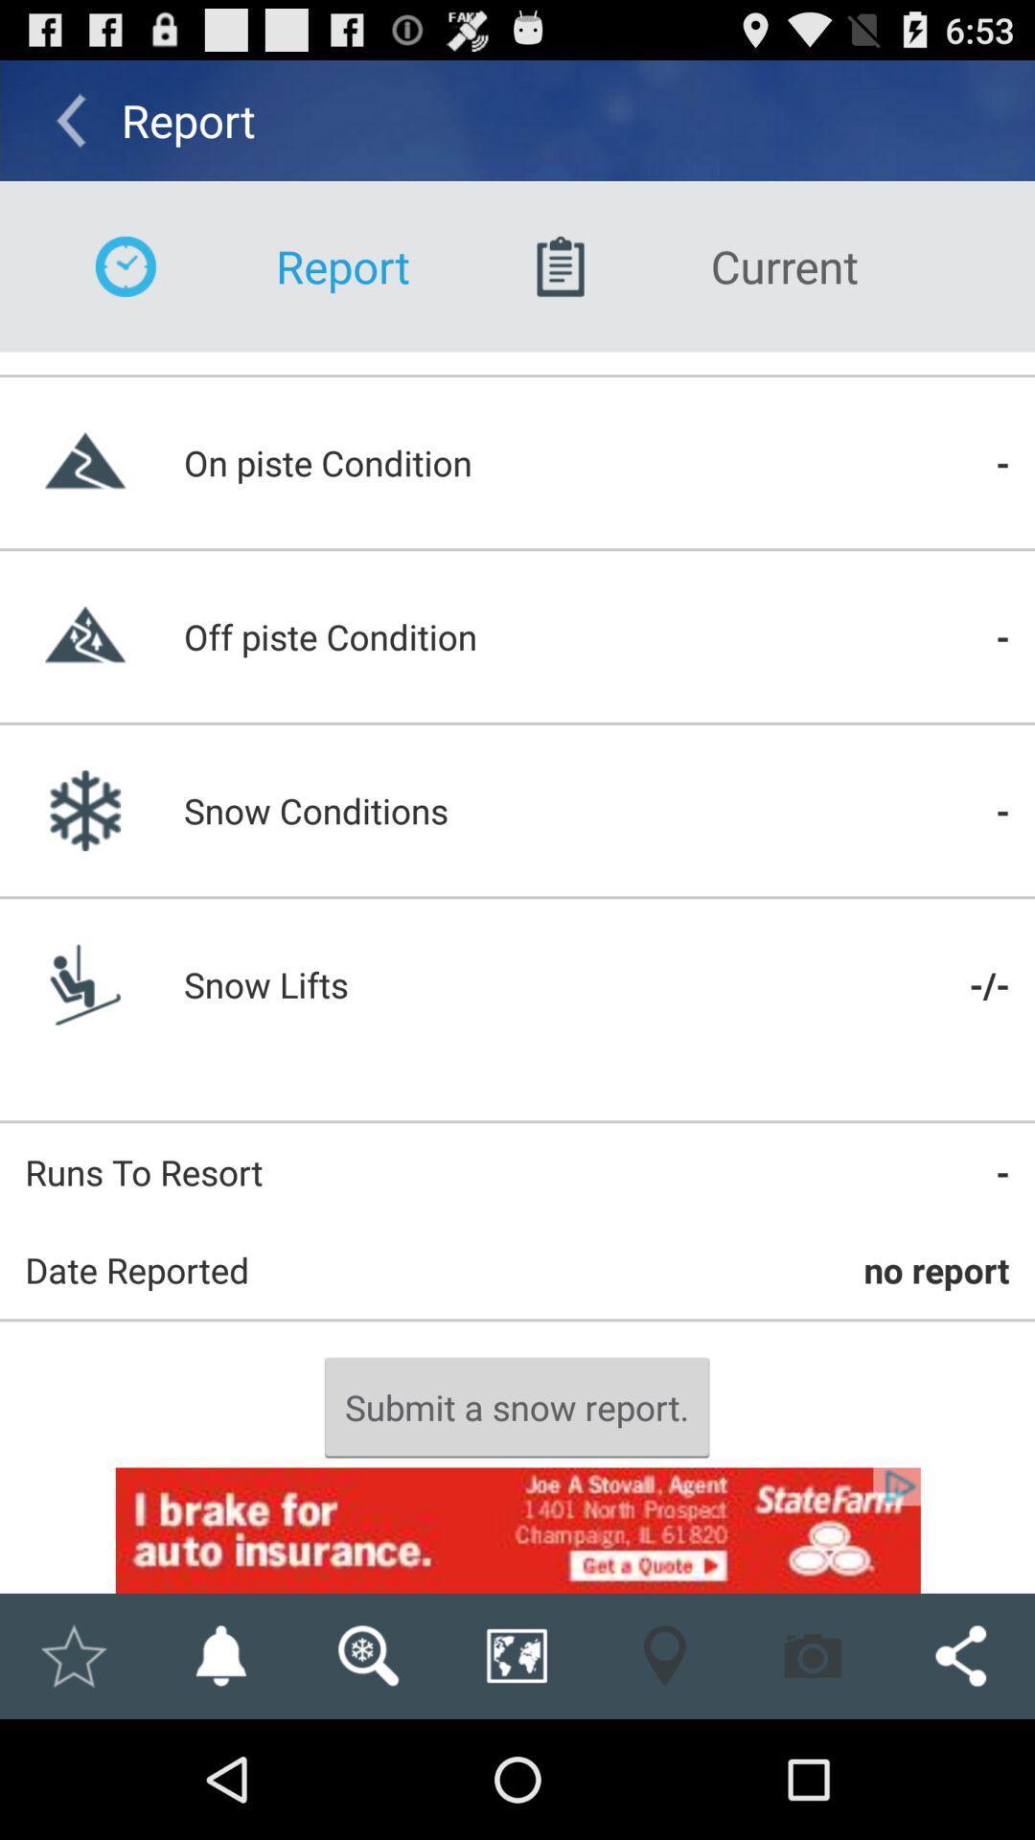 The height and width of the screenshot is (1840, 1035). What do you see at coordinates (72, 1655) in the screenshot?
I see `favorites` at bounding box center [72, 1655].